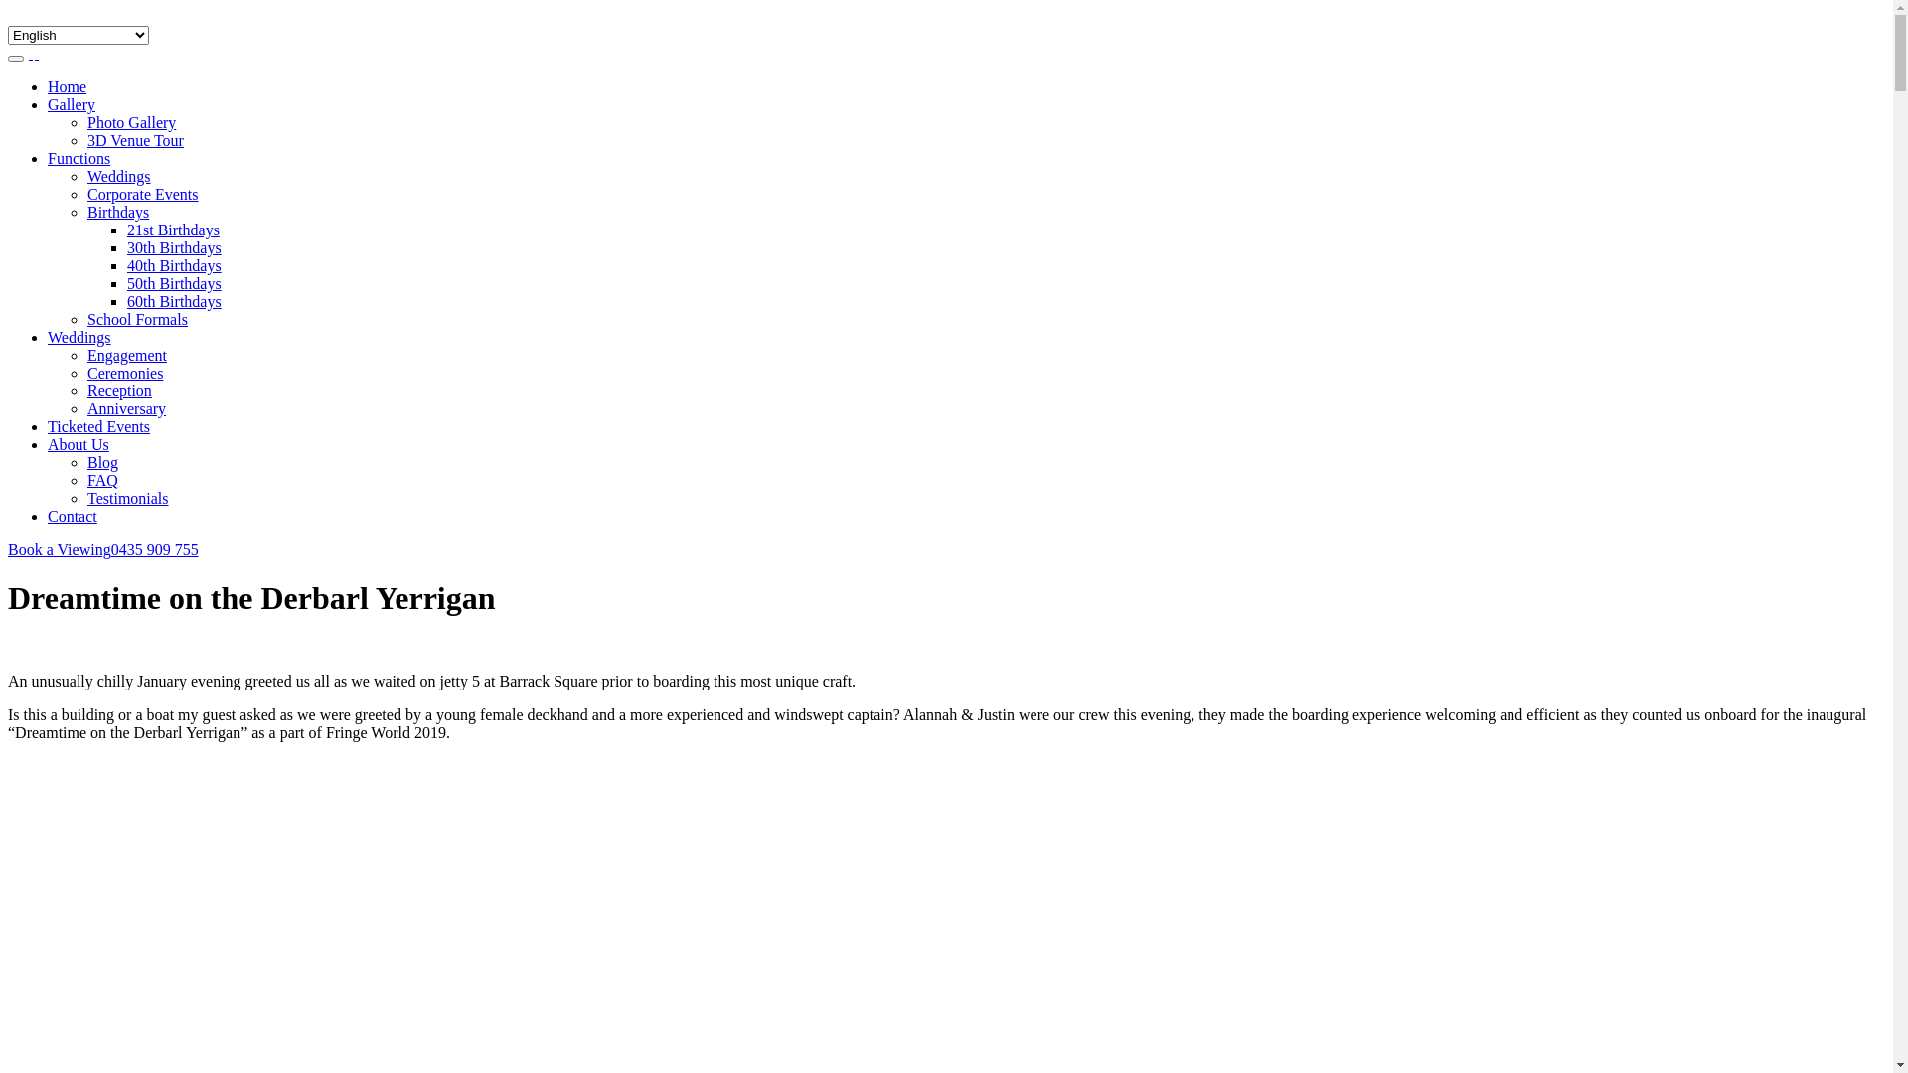  Describe the element at coordinates (79, 336) in the screenshot. I see `'Weddings'` at that location.